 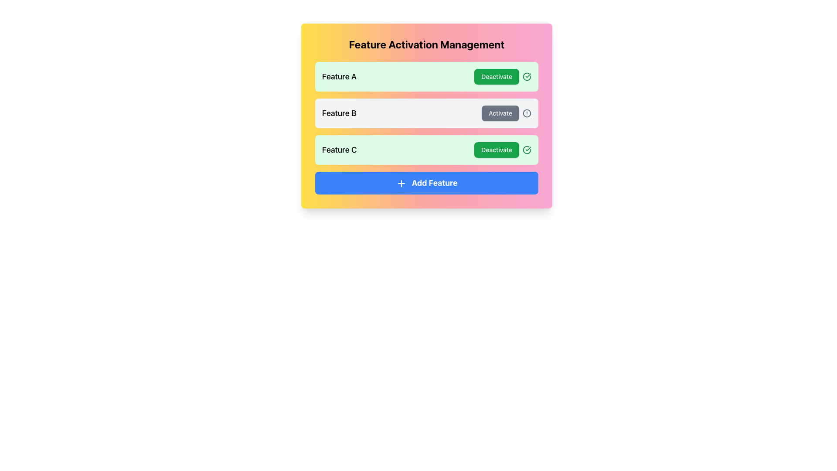 I want to click on the button that facilitates the addition of a new feature, so click(x=427, y=183).